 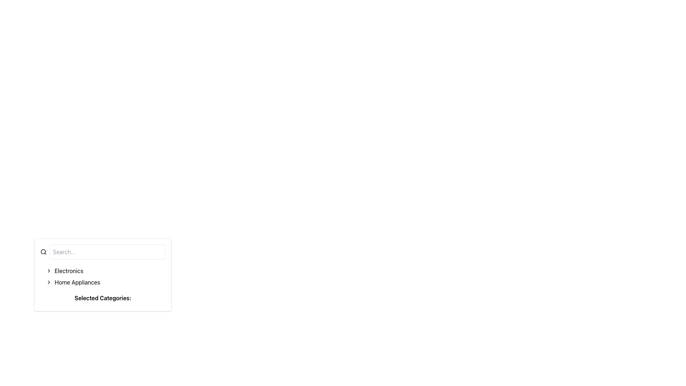 I want to click on the rightward-pointing chevron icon located at the beginning of the 'Home Appliances' text, so click(x=49, y=282).